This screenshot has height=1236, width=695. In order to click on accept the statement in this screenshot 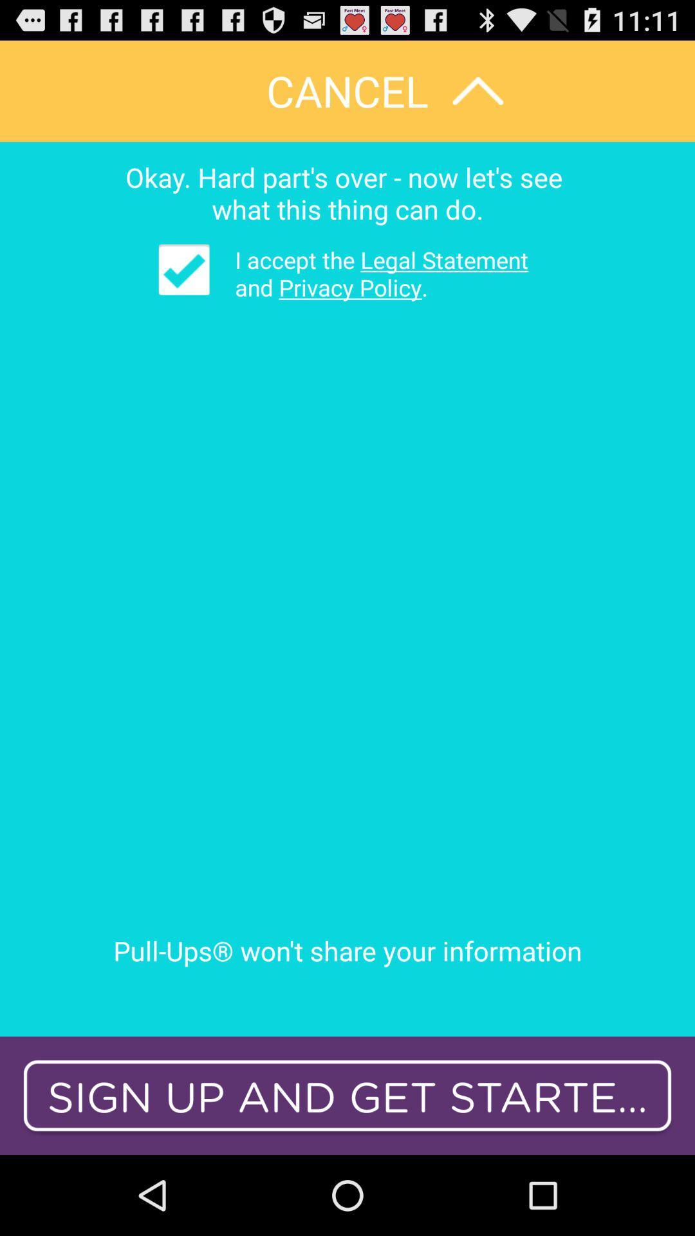, I will do `click(184, 268)`.